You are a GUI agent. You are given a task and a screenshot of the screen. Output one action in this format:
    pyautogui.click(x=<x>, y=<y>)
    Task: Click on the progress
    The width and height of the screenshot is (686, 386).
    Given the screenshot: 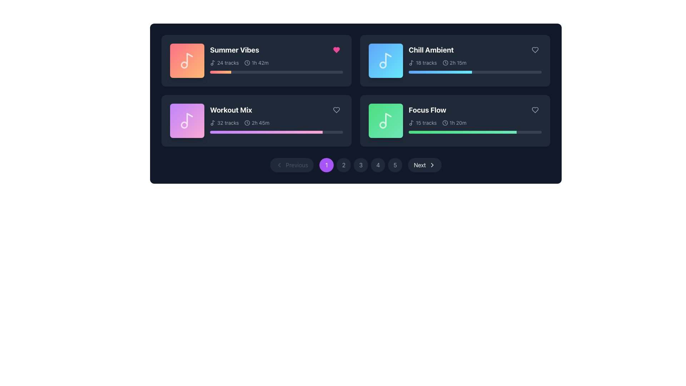 What is the action you would take?
    pyautogui.click(x=268, y=132)
    